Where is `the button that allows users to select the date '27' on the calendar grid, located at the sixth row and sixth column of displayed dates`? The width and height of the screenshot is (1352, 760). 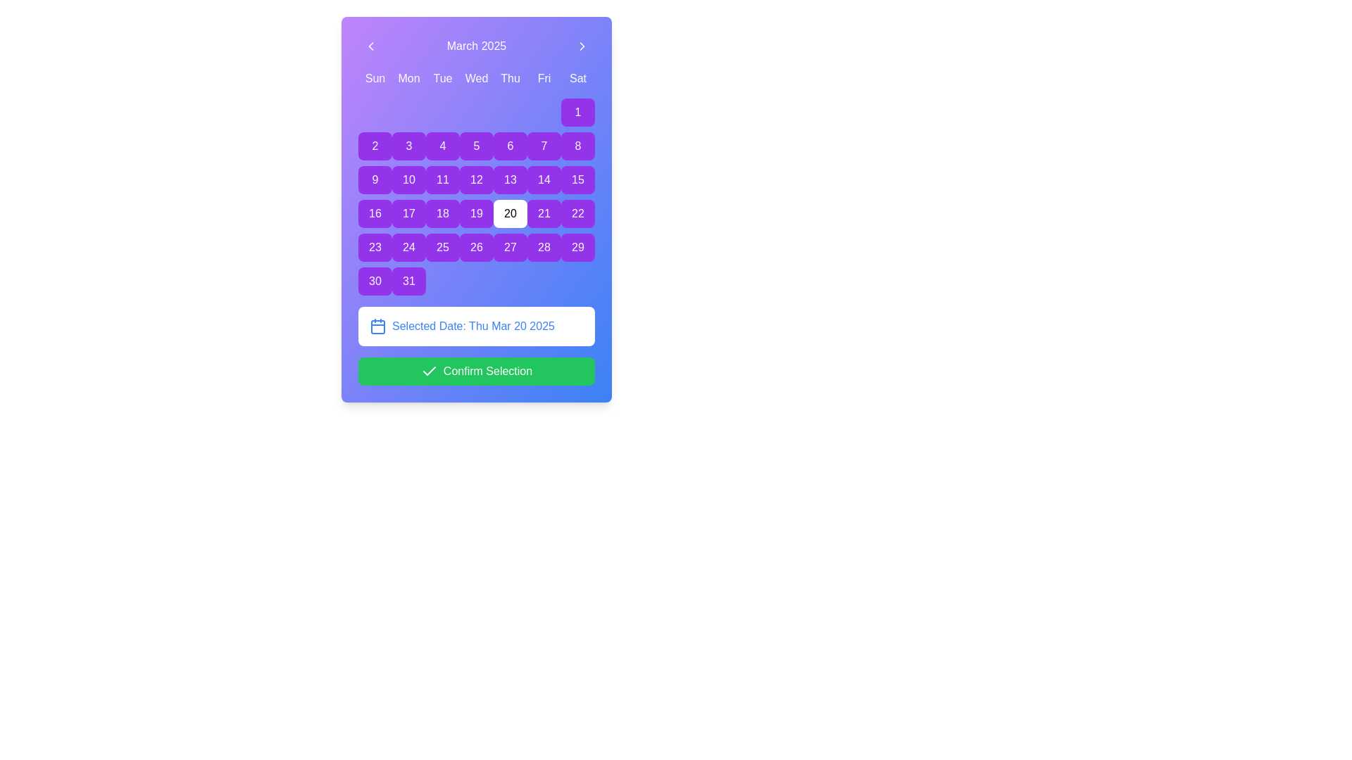
the button that allows users to select the date '27' on the calendar grid, located at the sixth row and sixth column of displayed dates is located at coordinates (509, 246).